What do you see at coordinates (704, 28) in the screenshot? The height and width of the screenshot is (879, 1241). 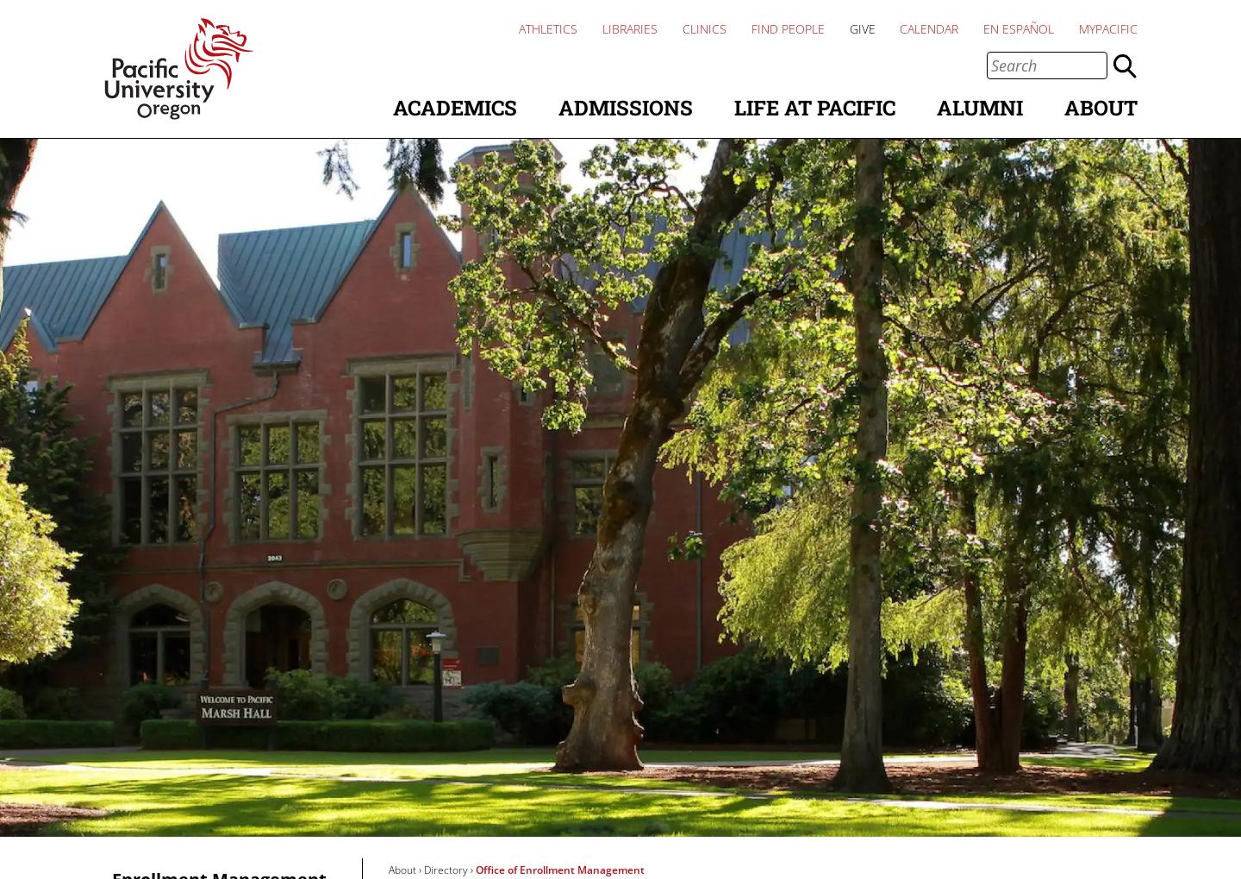 I see `'Clinics'` at bounding box center [704, 28].